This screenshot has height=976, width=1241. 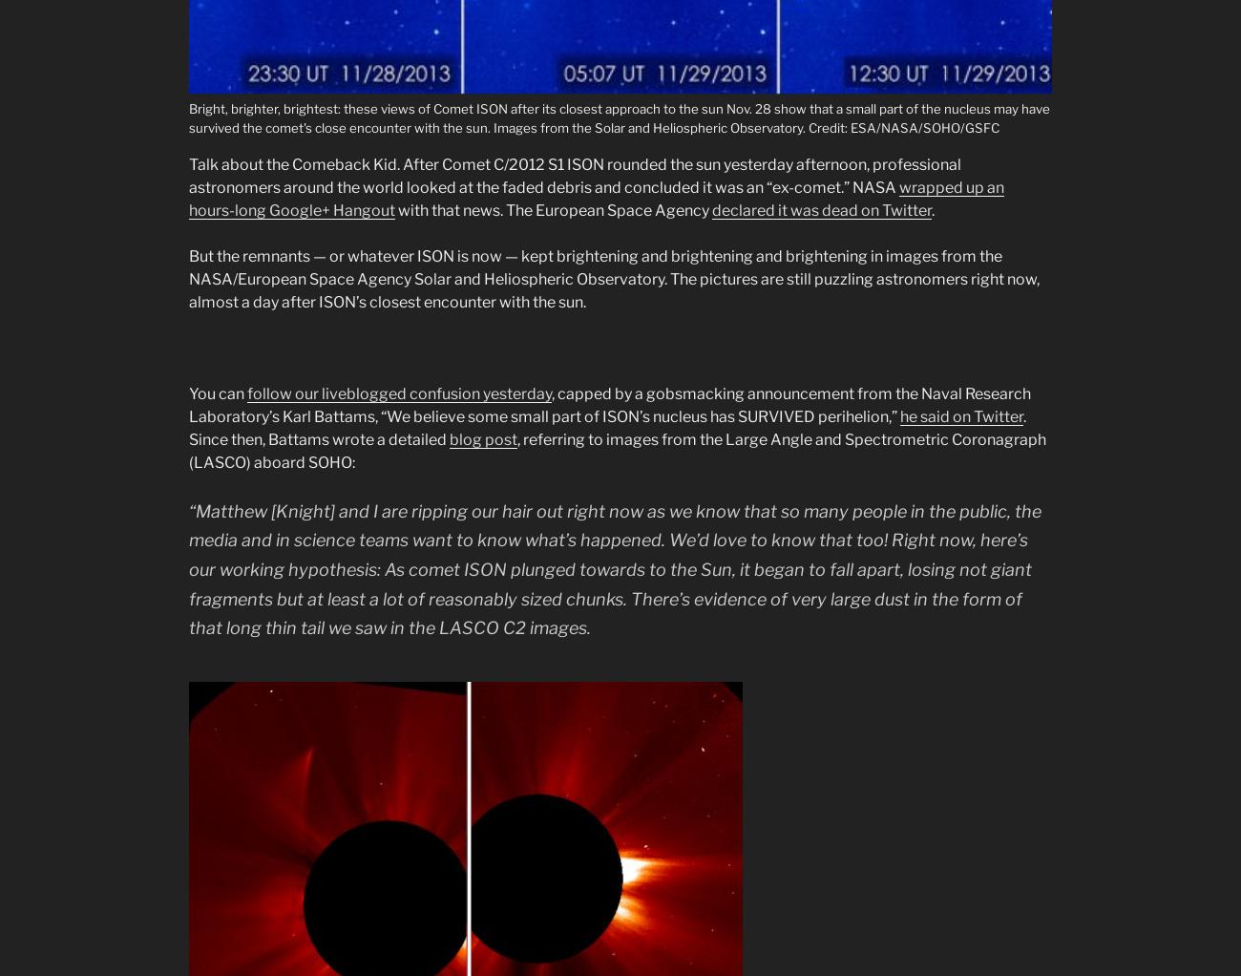 What do you see at coordinates (618, 449) in the screenshot?
I see `', referring to images from the Large Angle and Spectrometric Coronagraph (LASCO) aboard SOHO:'` at bounding box center [618, 449].